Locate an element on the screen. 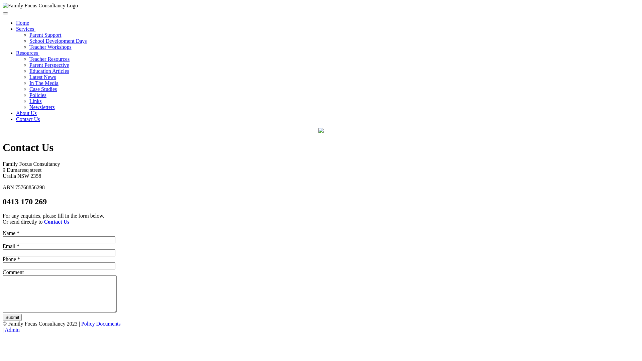  'Latest News' is located at coordinates (42, 77).